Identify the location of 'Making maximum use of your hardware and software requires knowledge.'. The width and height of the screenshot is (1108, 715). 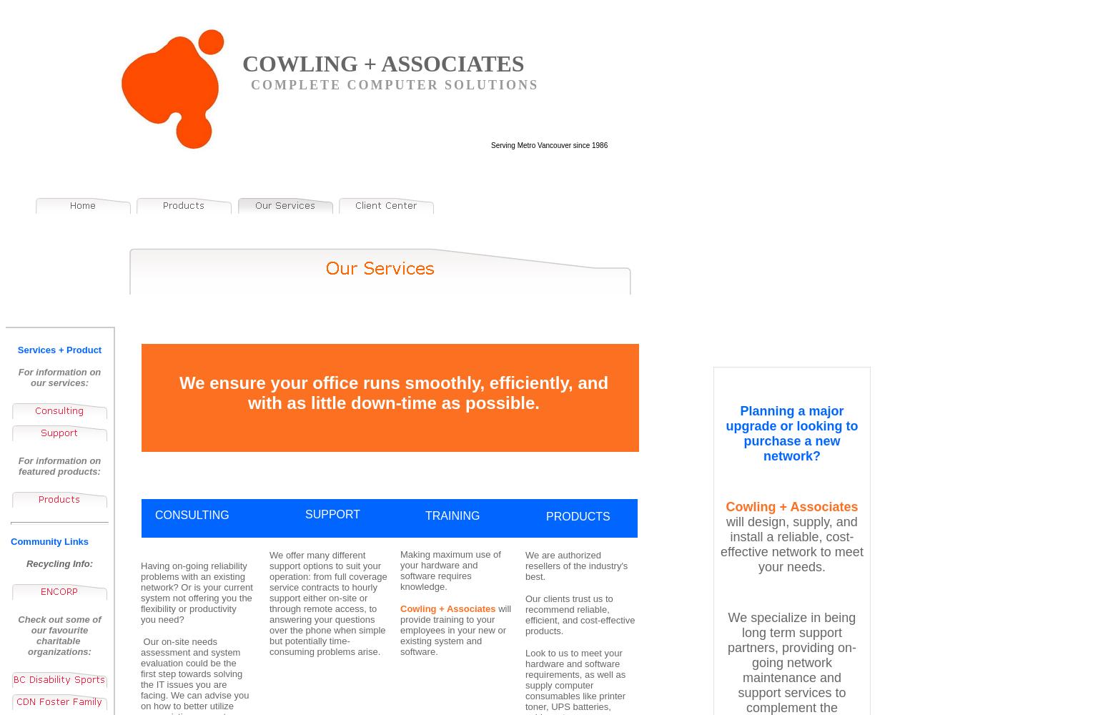
(450, 571).